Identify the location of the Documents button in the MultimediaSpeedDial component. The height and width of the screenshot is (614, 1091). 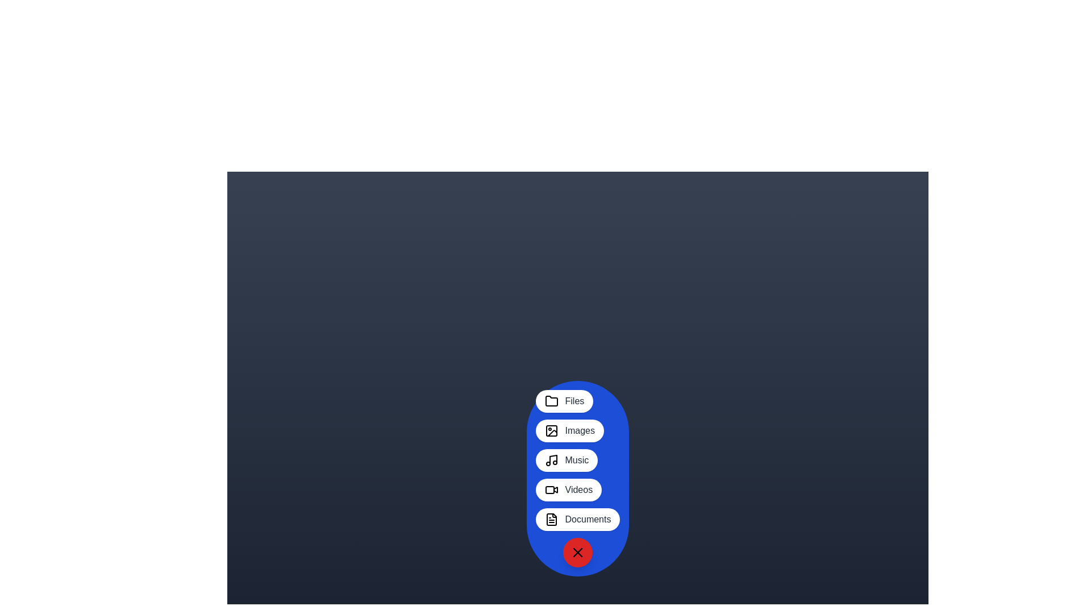
(578, 520).